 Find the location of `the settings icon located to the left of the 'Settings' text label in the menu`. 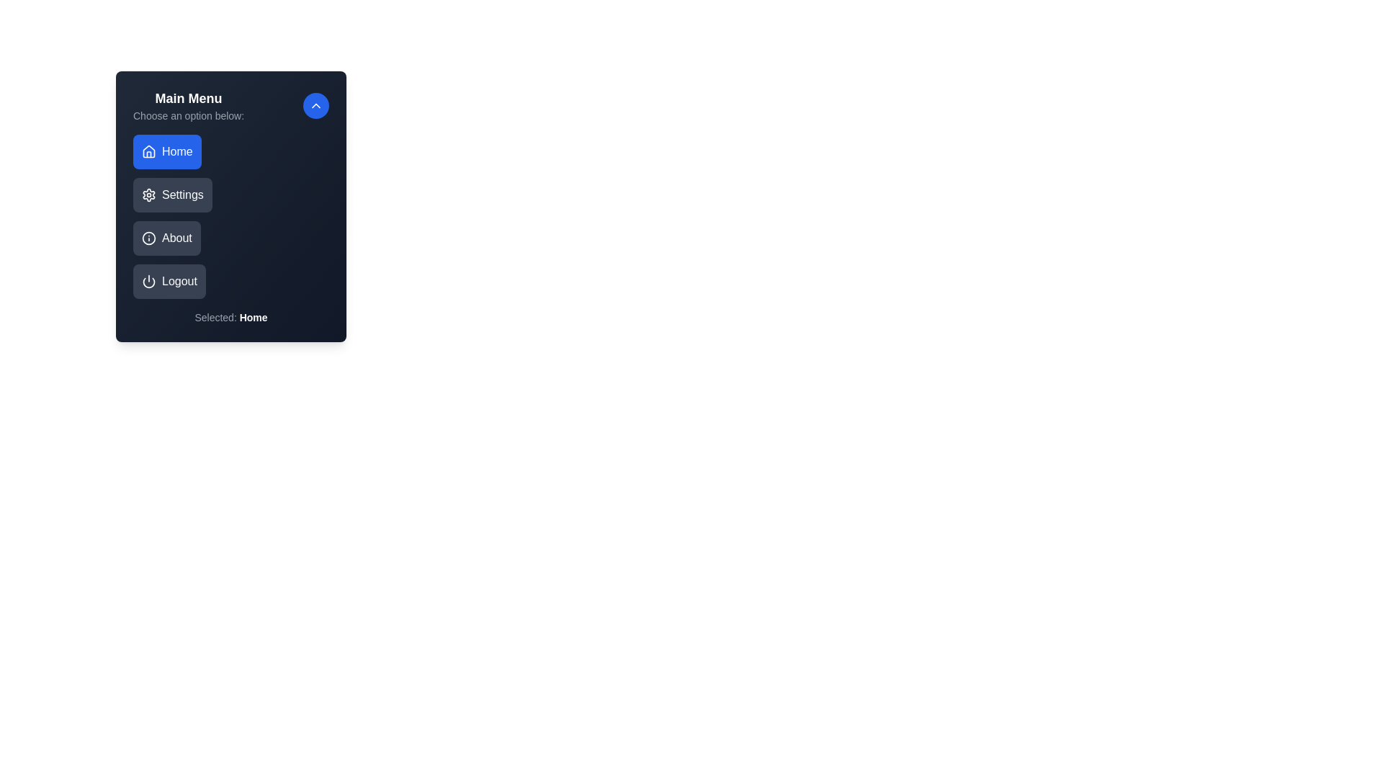

the settings icon located to the left of the 'Settings' text label in the menu is located at coordinates (148, 194).